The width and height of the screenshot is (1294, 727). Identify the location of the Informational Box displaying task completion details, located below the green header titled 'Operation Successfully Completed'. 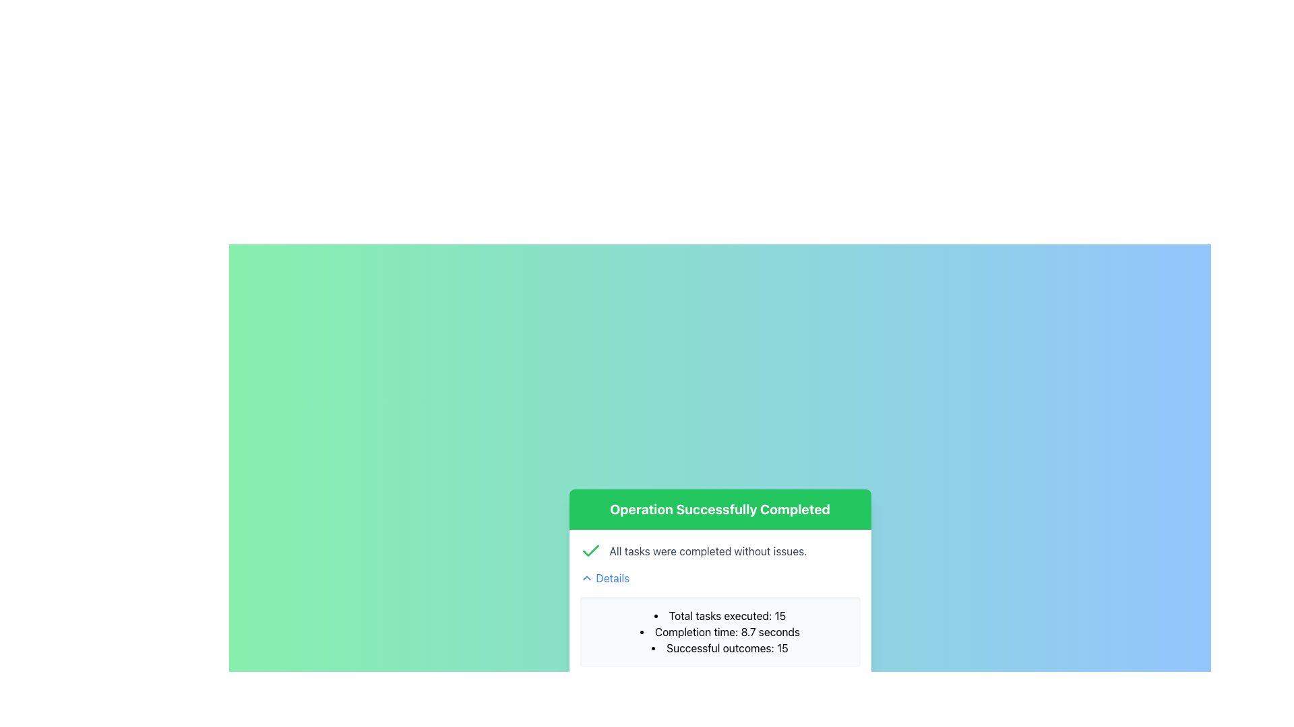
(719, 607).